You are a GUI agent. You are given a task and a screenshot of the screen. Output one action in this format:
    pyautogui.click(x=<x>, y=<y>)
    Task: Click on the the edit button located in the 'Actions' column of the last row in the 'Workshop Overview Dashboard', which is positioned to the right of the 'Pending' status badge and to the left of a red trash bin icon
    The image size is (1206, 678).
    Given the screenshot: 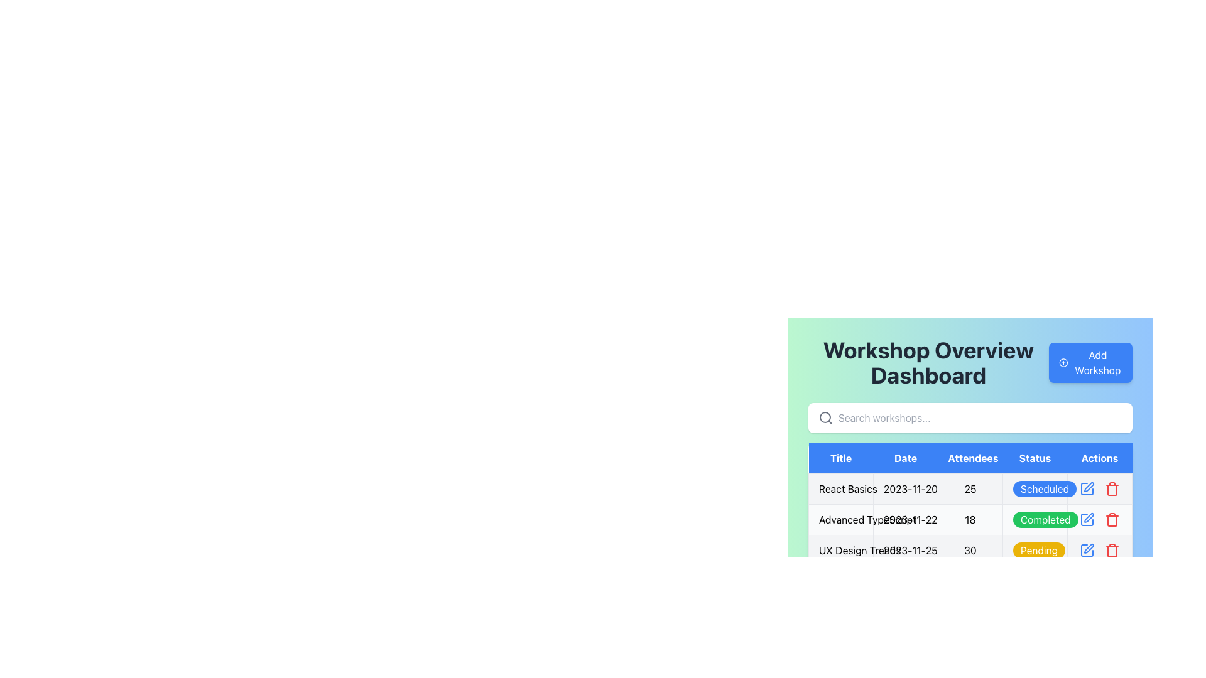 What is the action you would take?
    pyautogui.click(x=1087, y=549)
    